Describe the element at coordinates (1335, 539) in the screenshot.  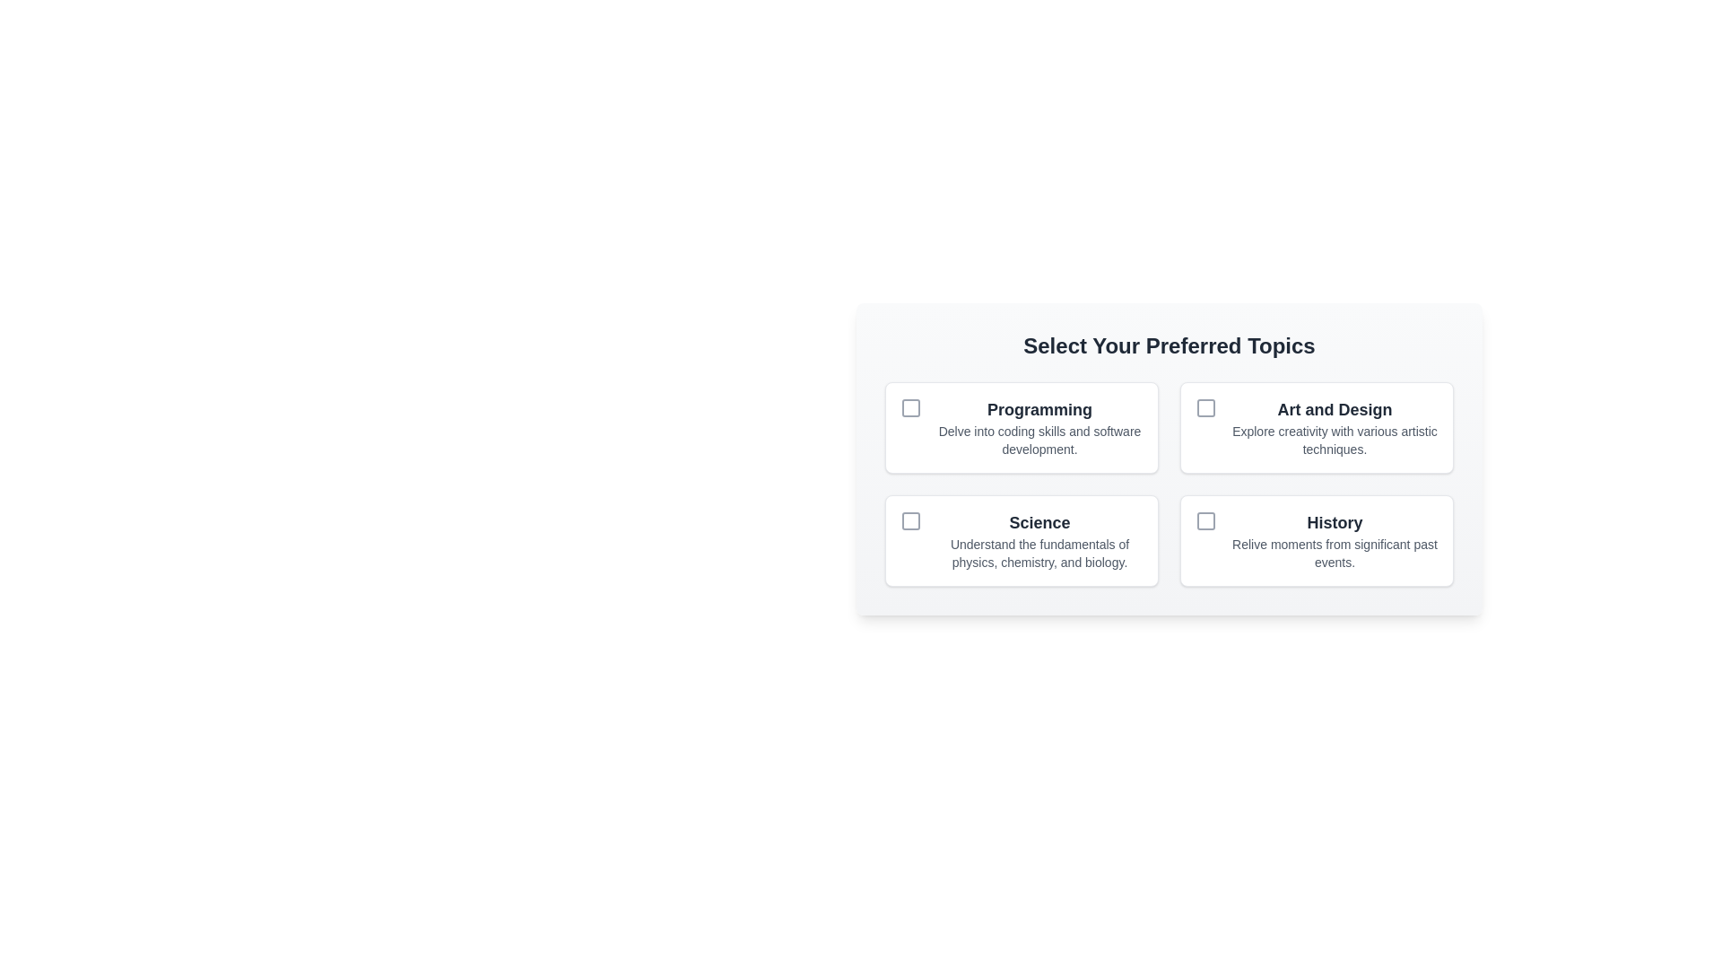
I see `the text-based component for the 'History' topic option` at that location.